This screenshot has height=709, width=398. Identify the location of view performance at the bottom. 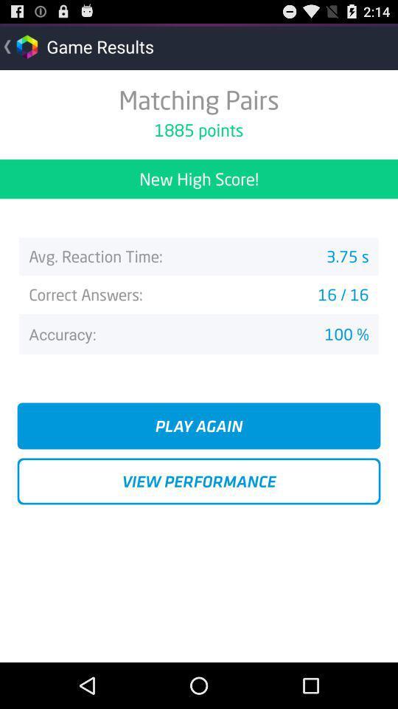
(199, 480).